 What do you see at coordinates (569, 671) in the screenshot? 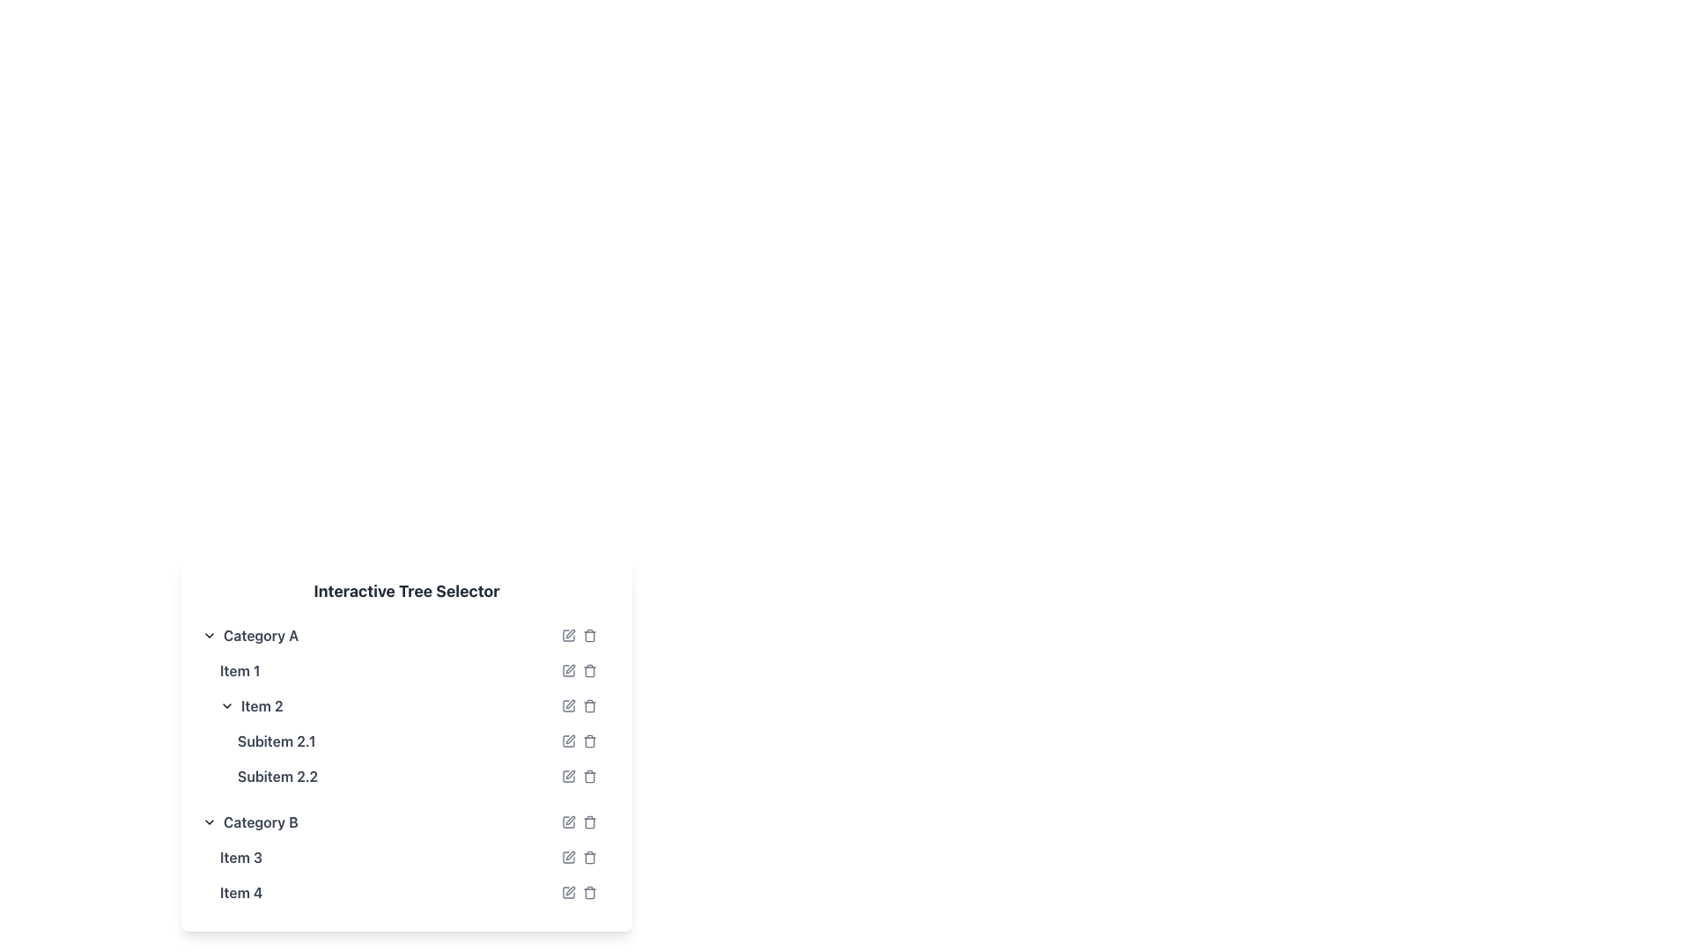
I see `the geometric square icon with a gray stroke adjacent to 'Item 1' in the tree-selector layout` at bounding box center [569, 671].